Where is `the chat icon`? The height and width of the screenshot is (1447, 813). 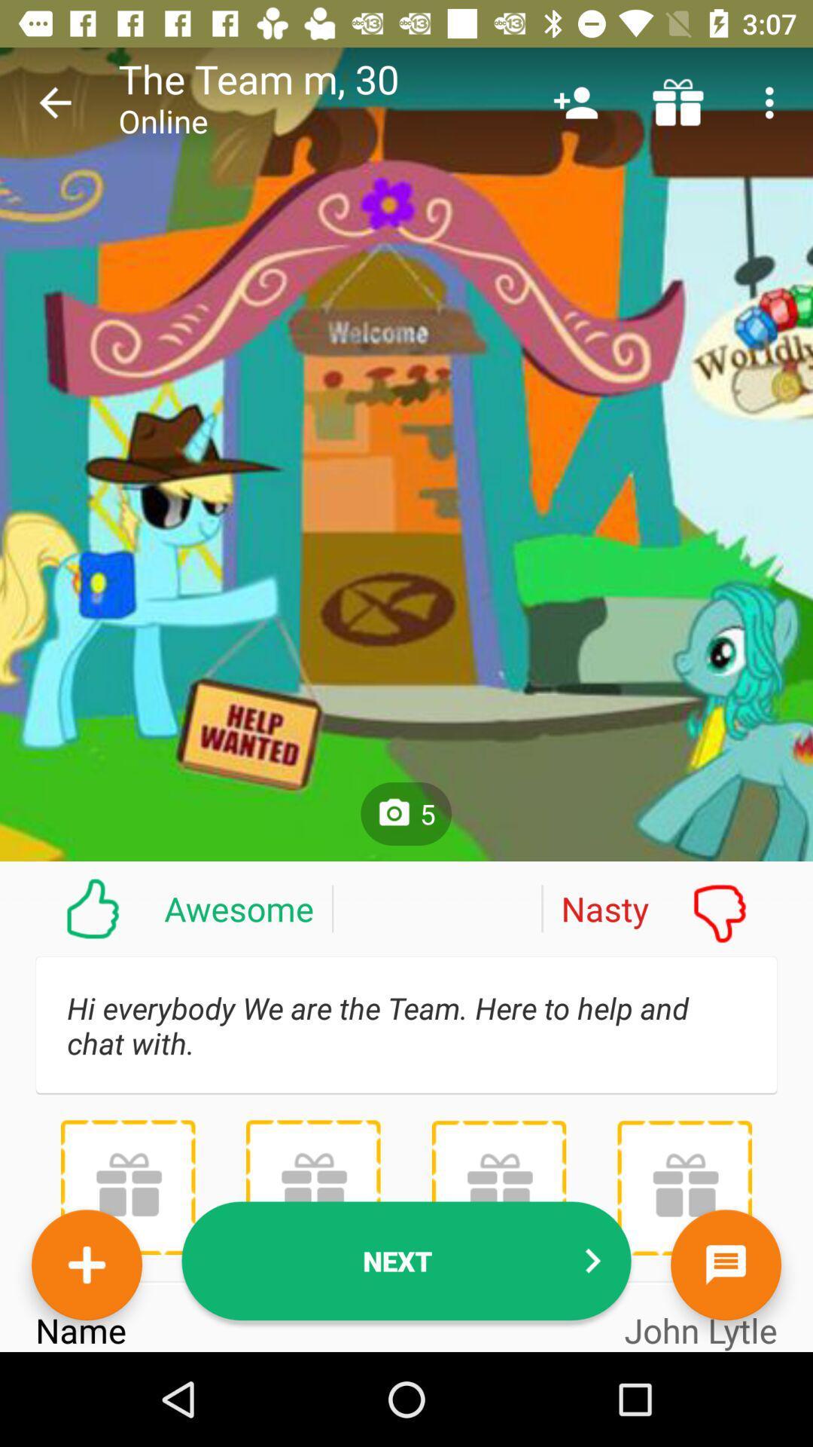
the chat icon is located at coordinates (725, 1265).